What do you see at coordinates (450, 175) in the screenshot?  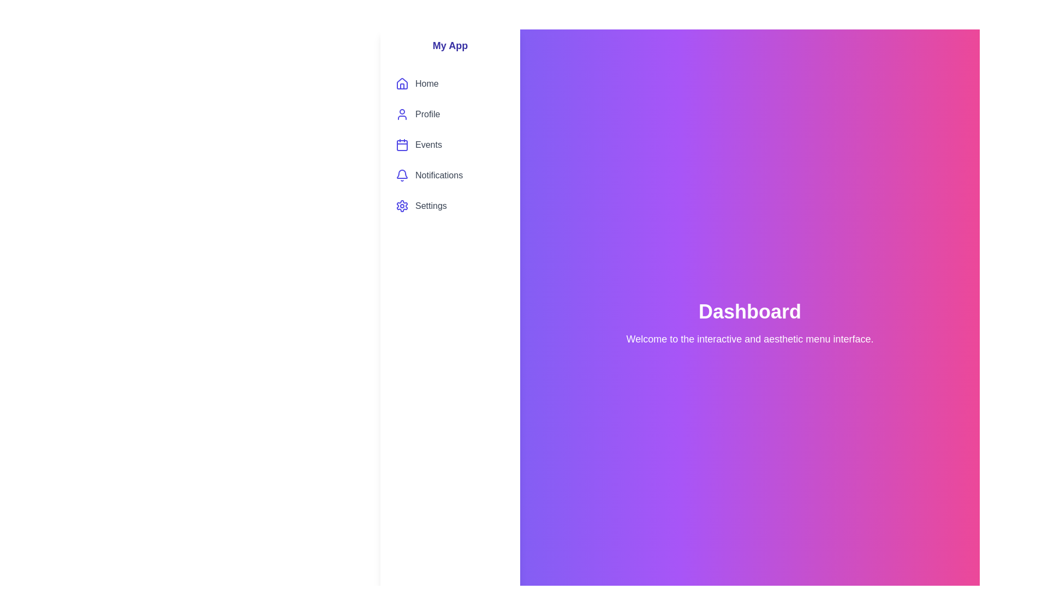 I see `the menu item labeled Notifications to navigate to the corresponding section` at bounding box center [450, 175].